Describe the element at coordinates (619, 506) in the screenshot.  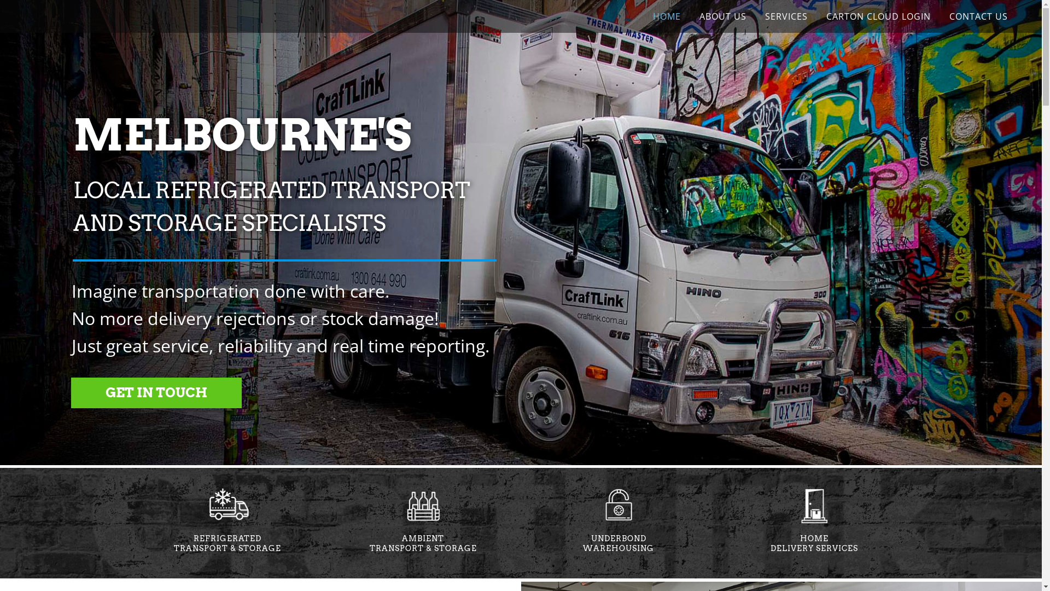
I see `'bonded storage icon'` at that location.